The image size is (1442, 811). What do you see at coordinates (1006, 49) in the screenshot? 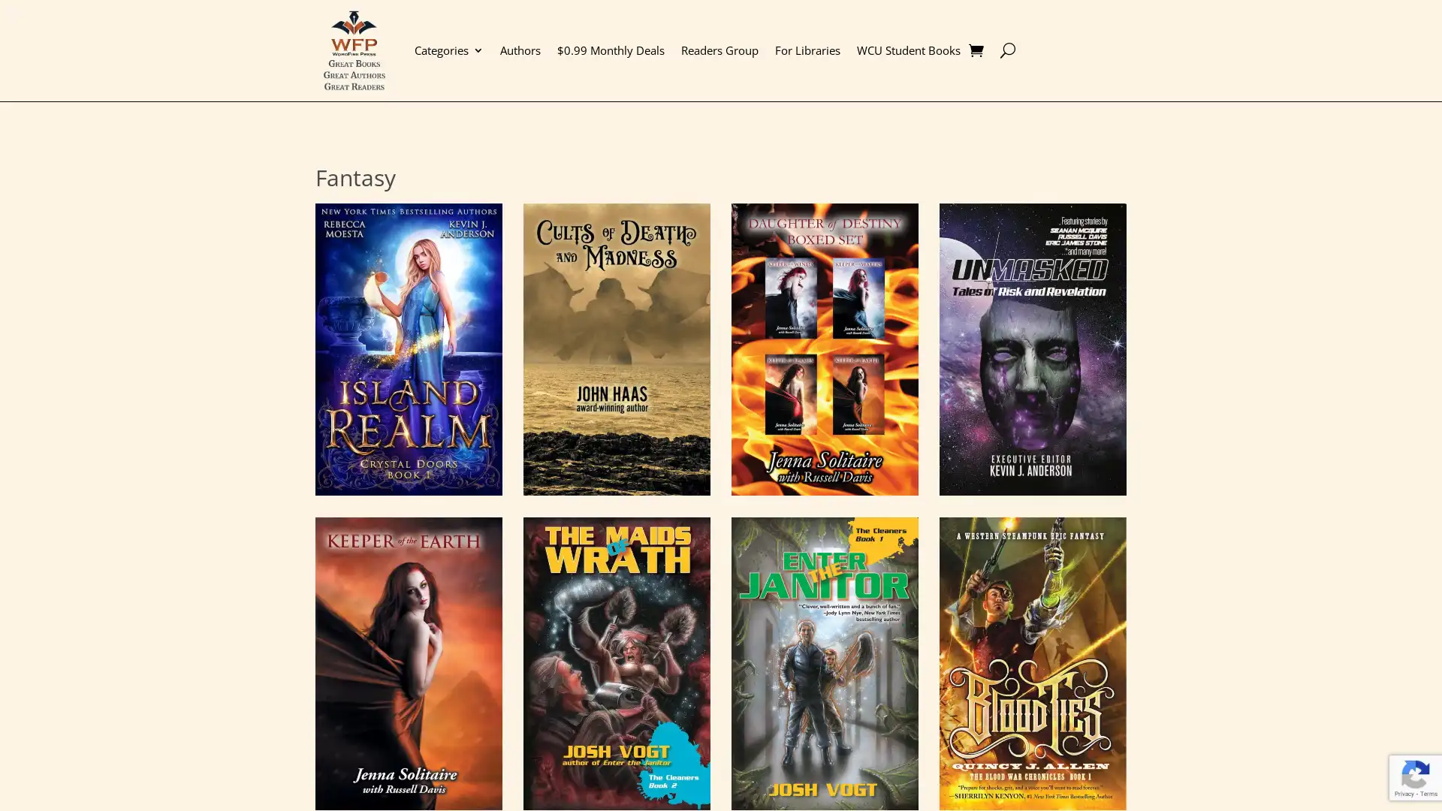
I see `U` at bounding box center [1006, 49].